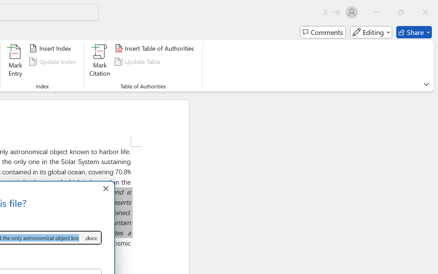 The height and width of the screenshot is (274, 438). What do you see at coordinates (100, 61) in the screenshot?
I see `'Mark Citation...'` at bounding box center [100, 61].